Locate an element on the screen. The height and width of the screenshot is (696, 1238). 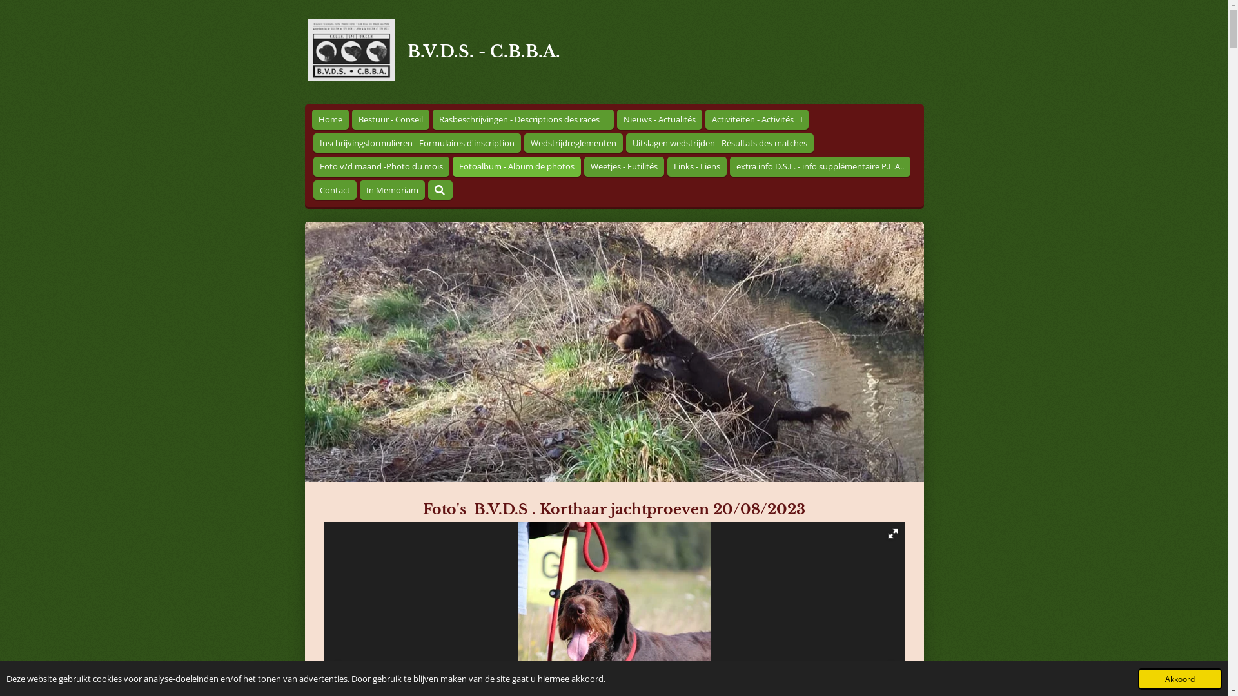
'Akkoord' is located at coordinates (1179, 678).